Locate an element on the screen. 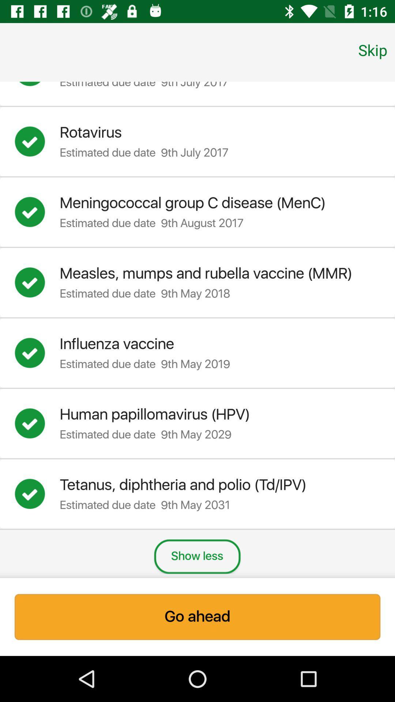 The image size is (395, 702). option is located at coordinates (37, 86).